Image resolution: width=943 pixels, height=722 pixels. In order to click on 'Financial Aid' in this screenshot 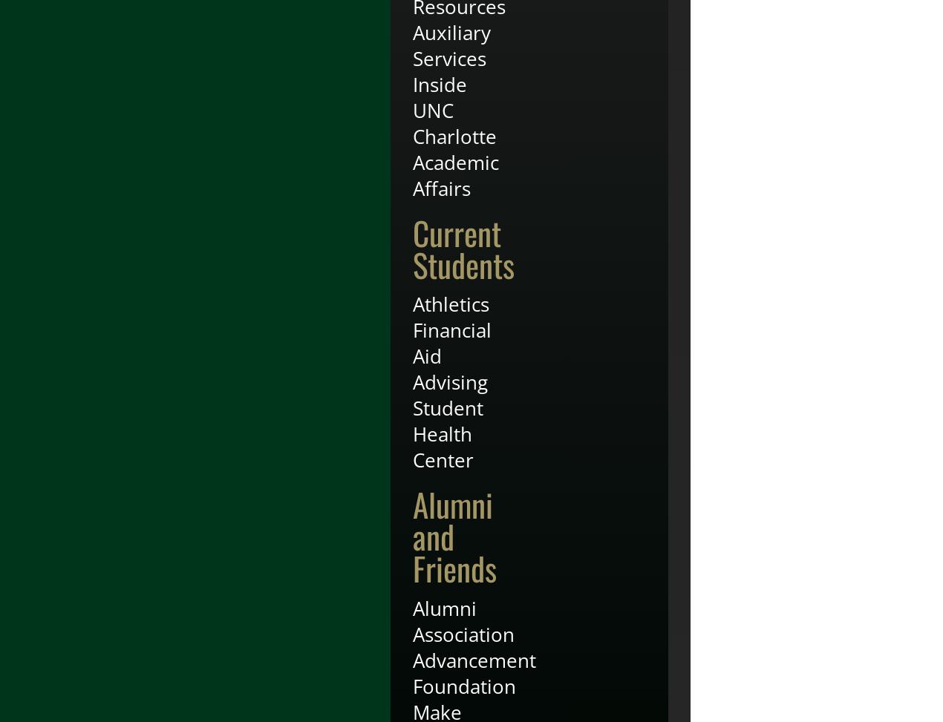, I will do `click(451, 342)`.